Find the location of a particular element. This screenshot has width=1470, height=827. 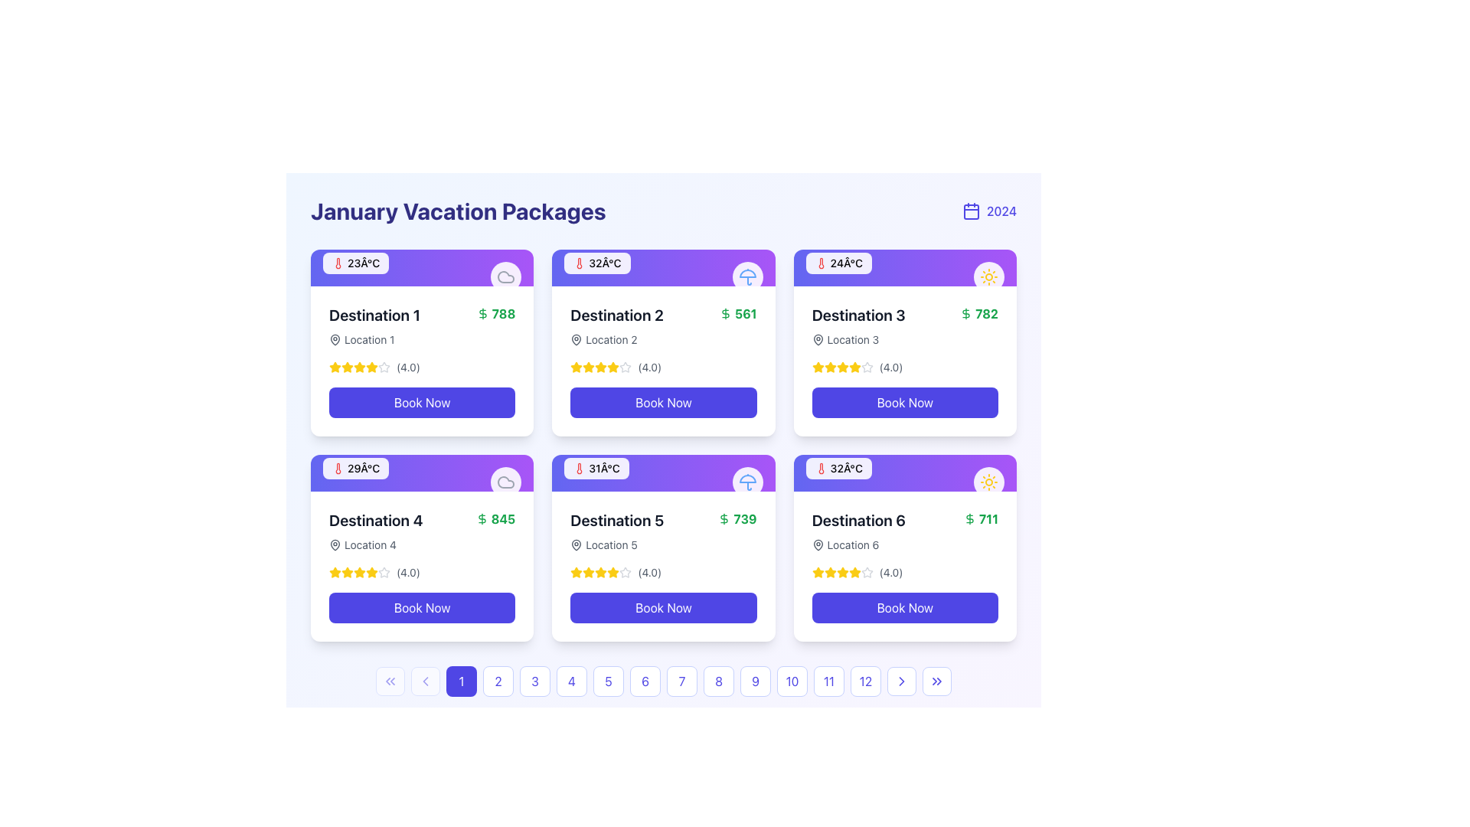

the second star icon in the 5-star rating system under the 'Destination 4' vacation package card is located at coordinates (384, 572).